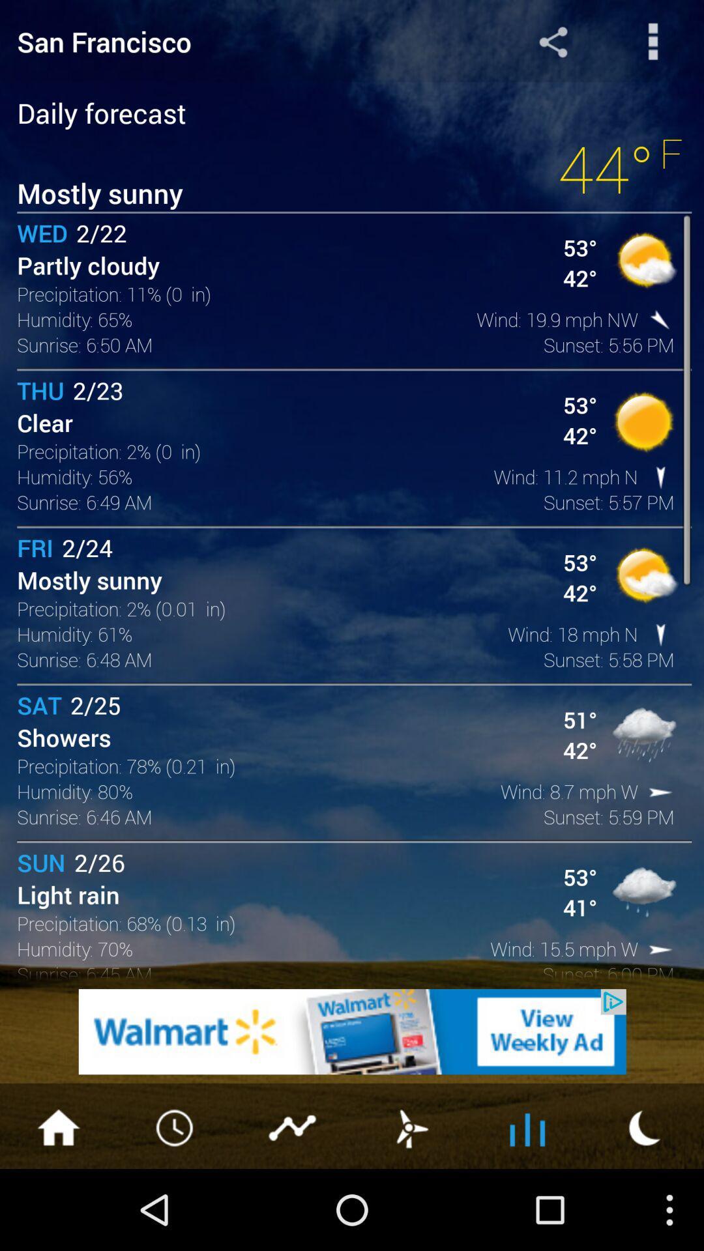 The height and width of the screenshot is (1251, 704). I want to click on the weather icon, so click(409, 1205).